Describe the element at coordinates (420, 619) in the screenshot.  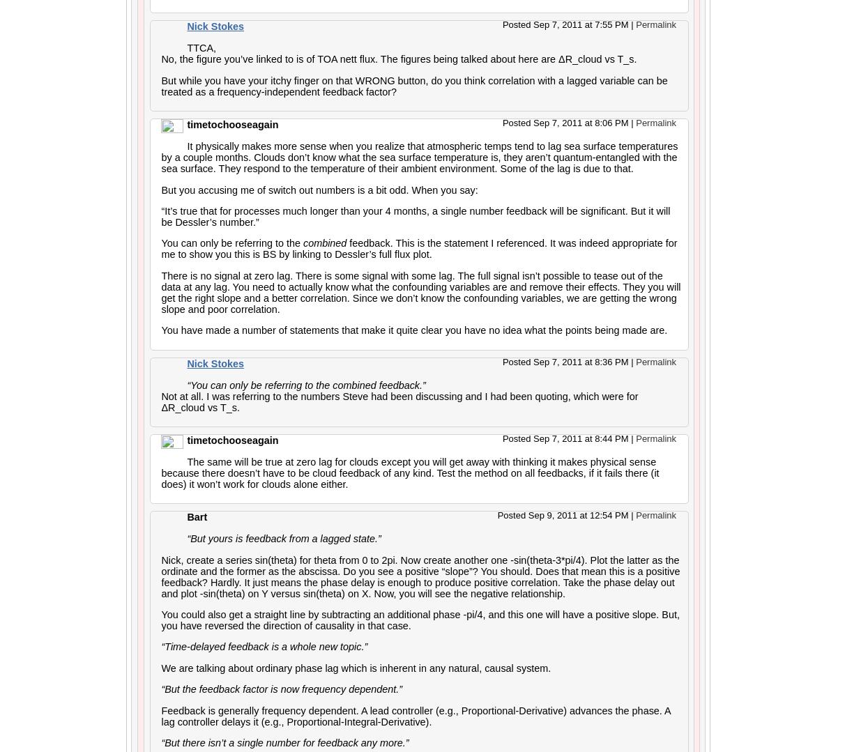
I see `'You could also get a straight line by subtracting an additional phase -pi/4, and this one will have a positive slope. But, you have reversed the direction of causality in that case.'` at that location.